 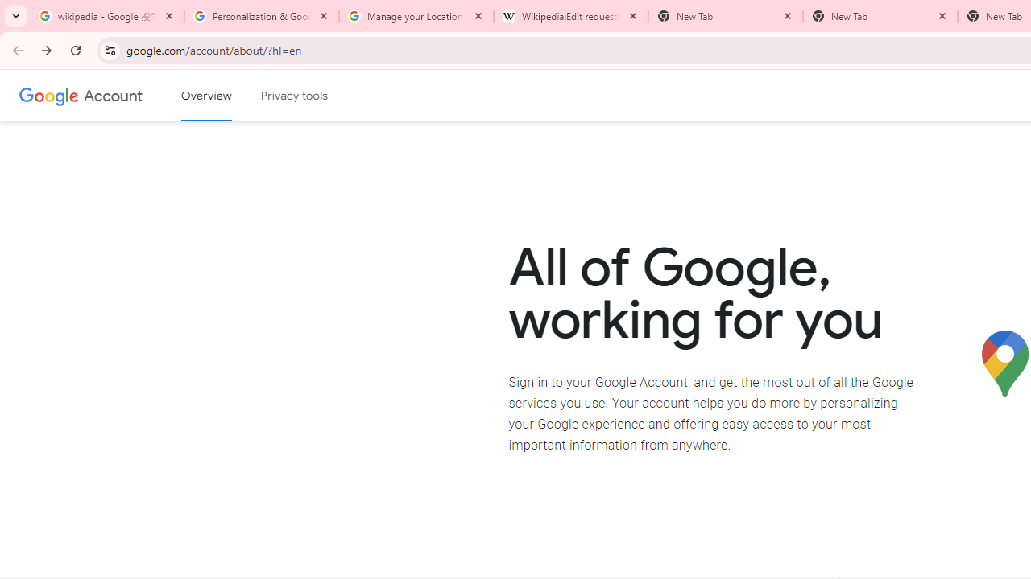 What do you see at coordinates (571, 16) in the screenshot?
I see `'Wikipedia:Edit requests - Wikipedia'` at bounding box center [571, 16].